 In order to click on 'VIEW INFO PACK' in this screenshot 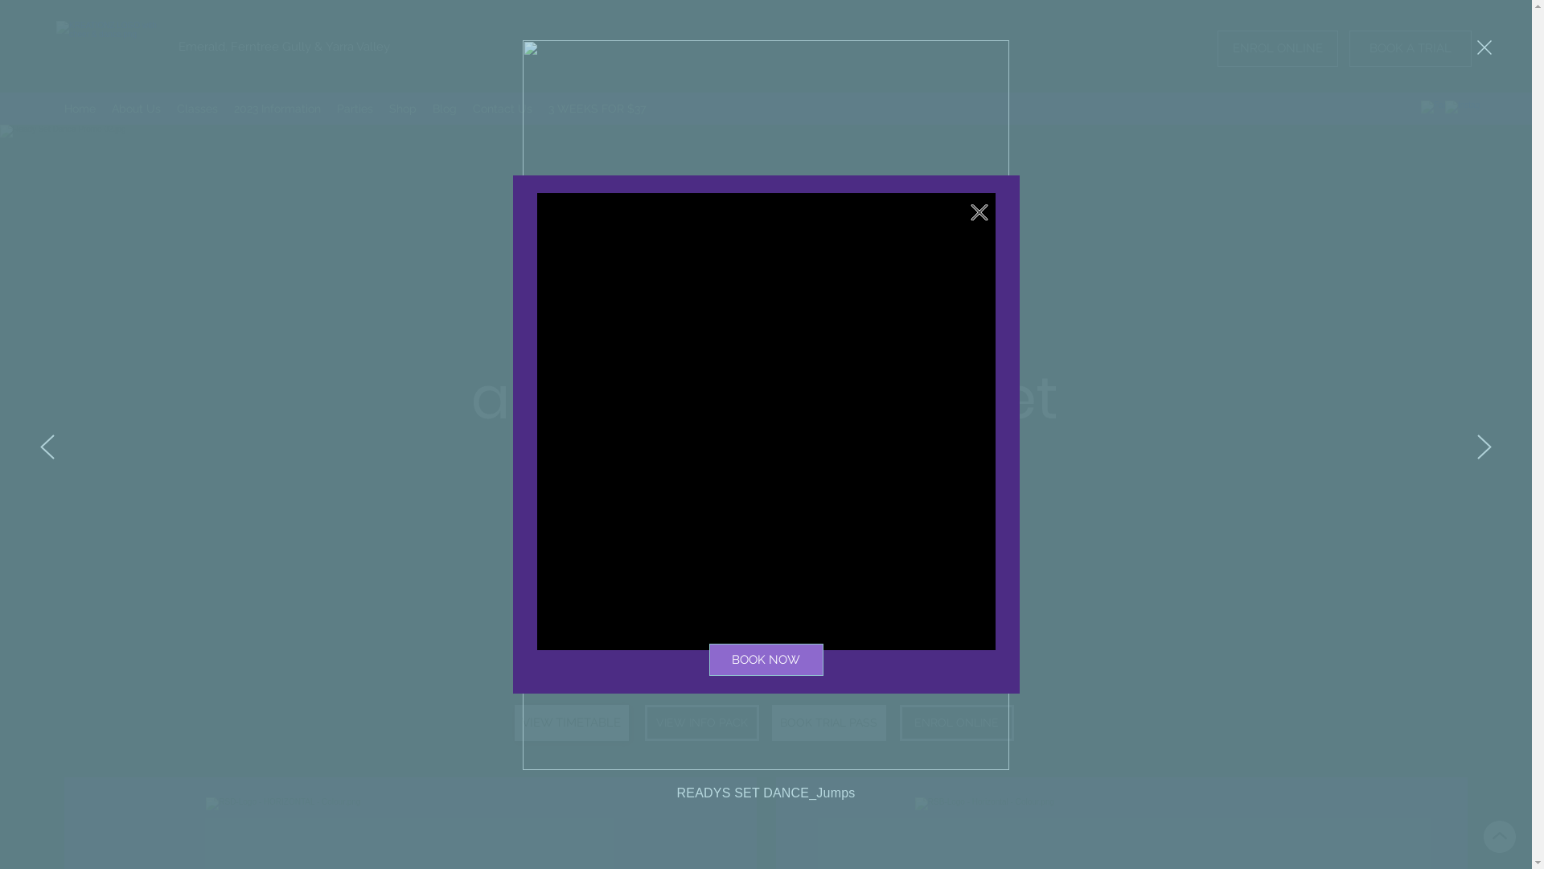, I will do `click(702, 722)`.